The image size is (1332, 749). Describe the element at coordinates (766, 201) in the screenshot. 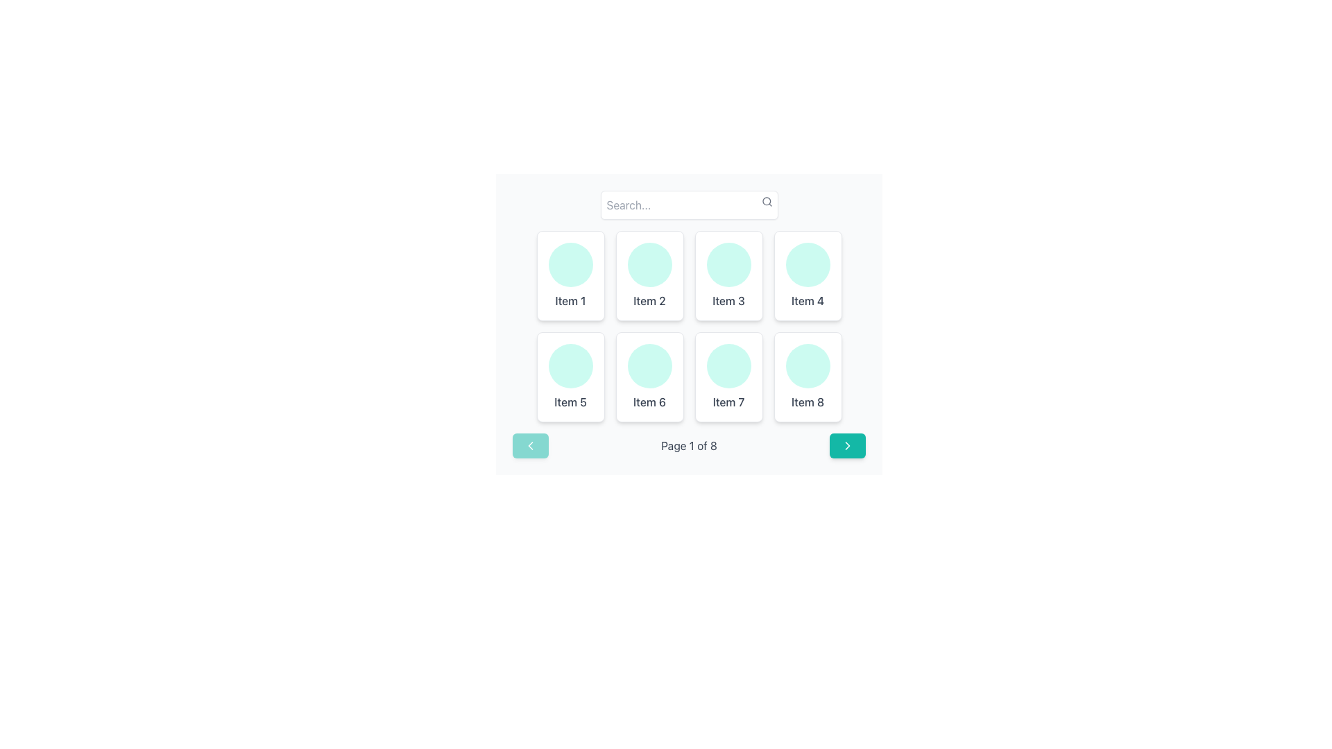

I see `the icon located at the upper-right corner of the search input component` at that location.